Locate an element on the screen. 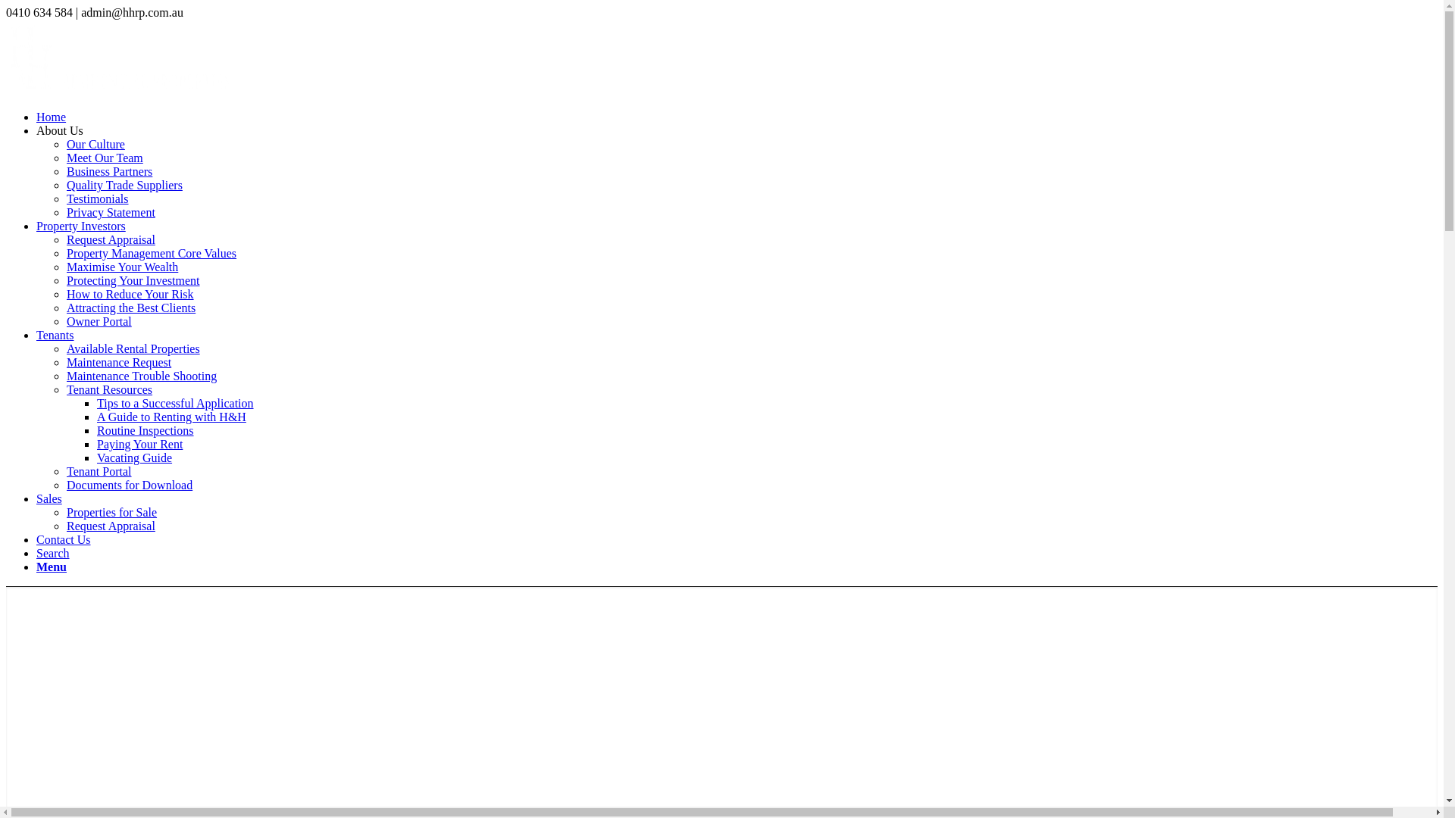  'Tenants' is located at coordinates (36, 334).